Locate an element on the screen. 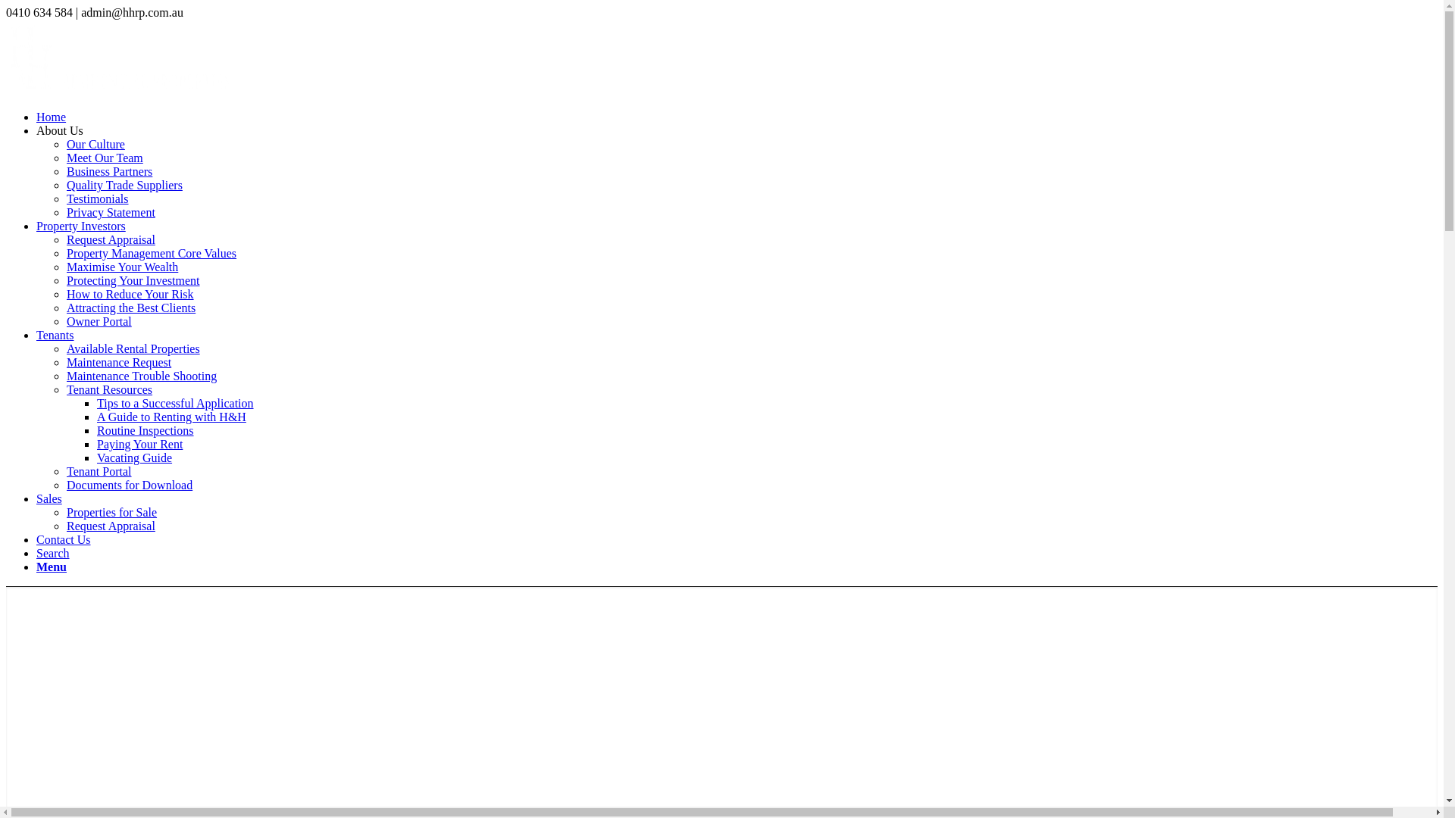  'Tenants' is located at coordinates (36, 334).